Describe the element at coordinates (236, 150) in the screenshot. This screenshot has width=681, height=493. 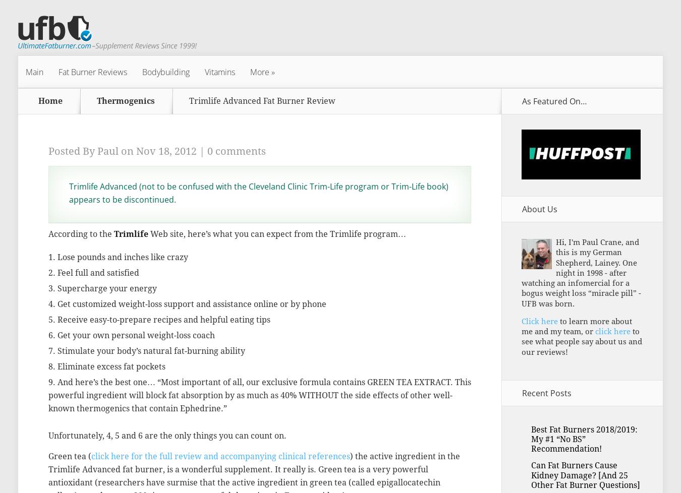
I see `'0 comments'` at that location.